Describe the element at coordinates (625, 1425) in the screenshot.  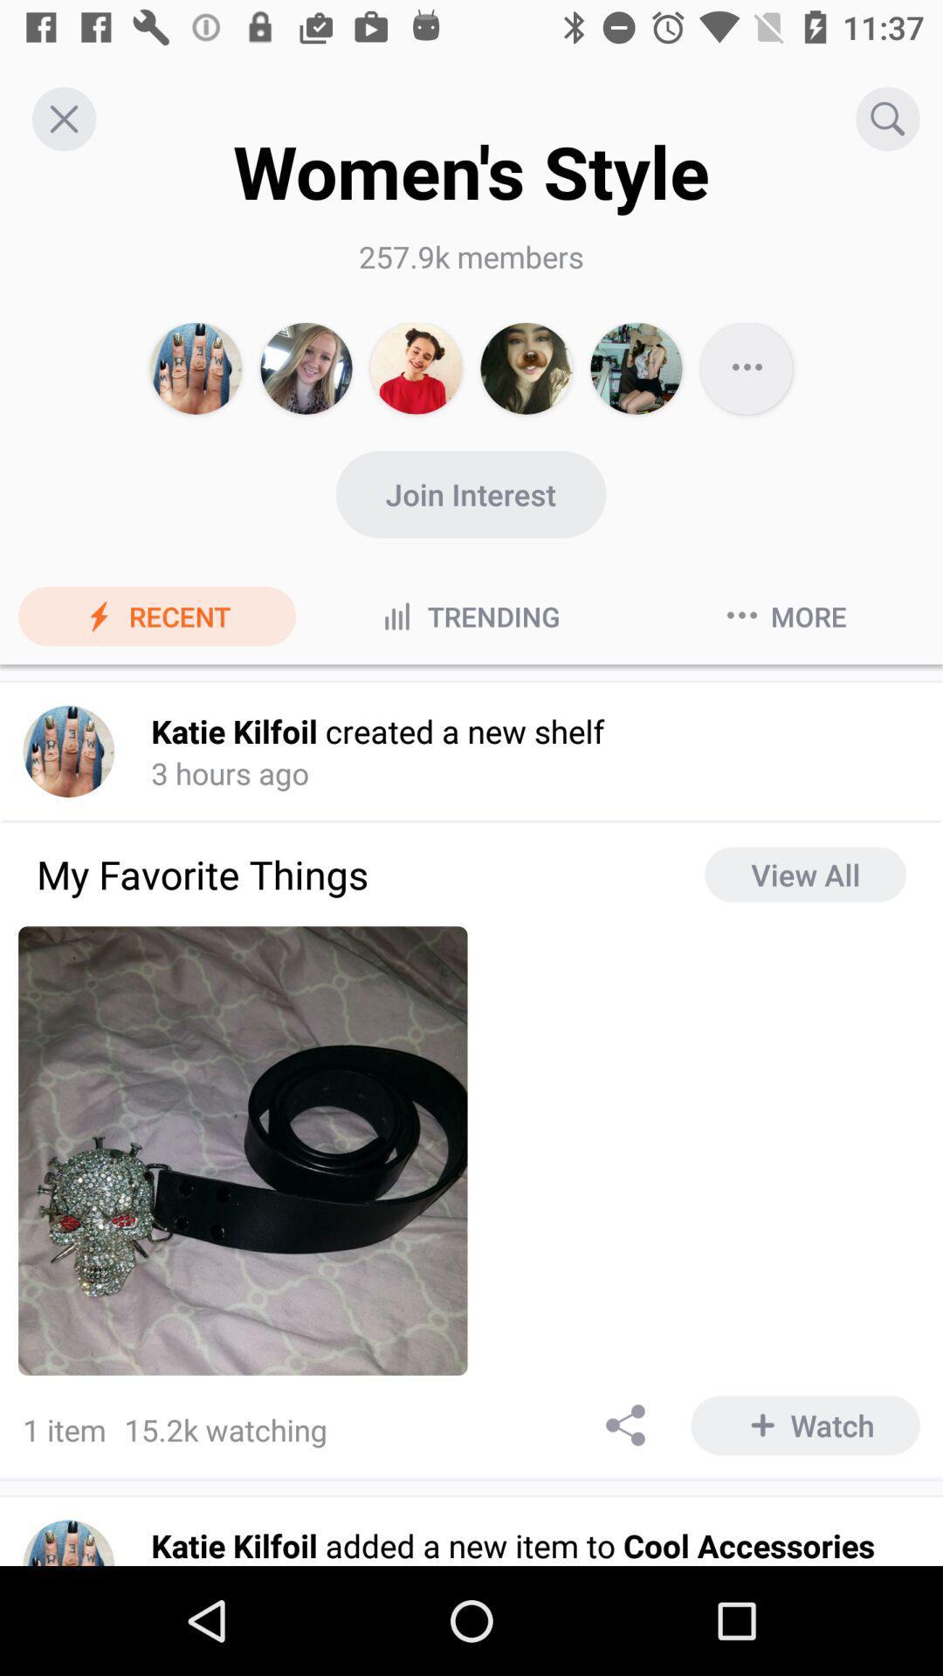
I see `open share options` at that location.